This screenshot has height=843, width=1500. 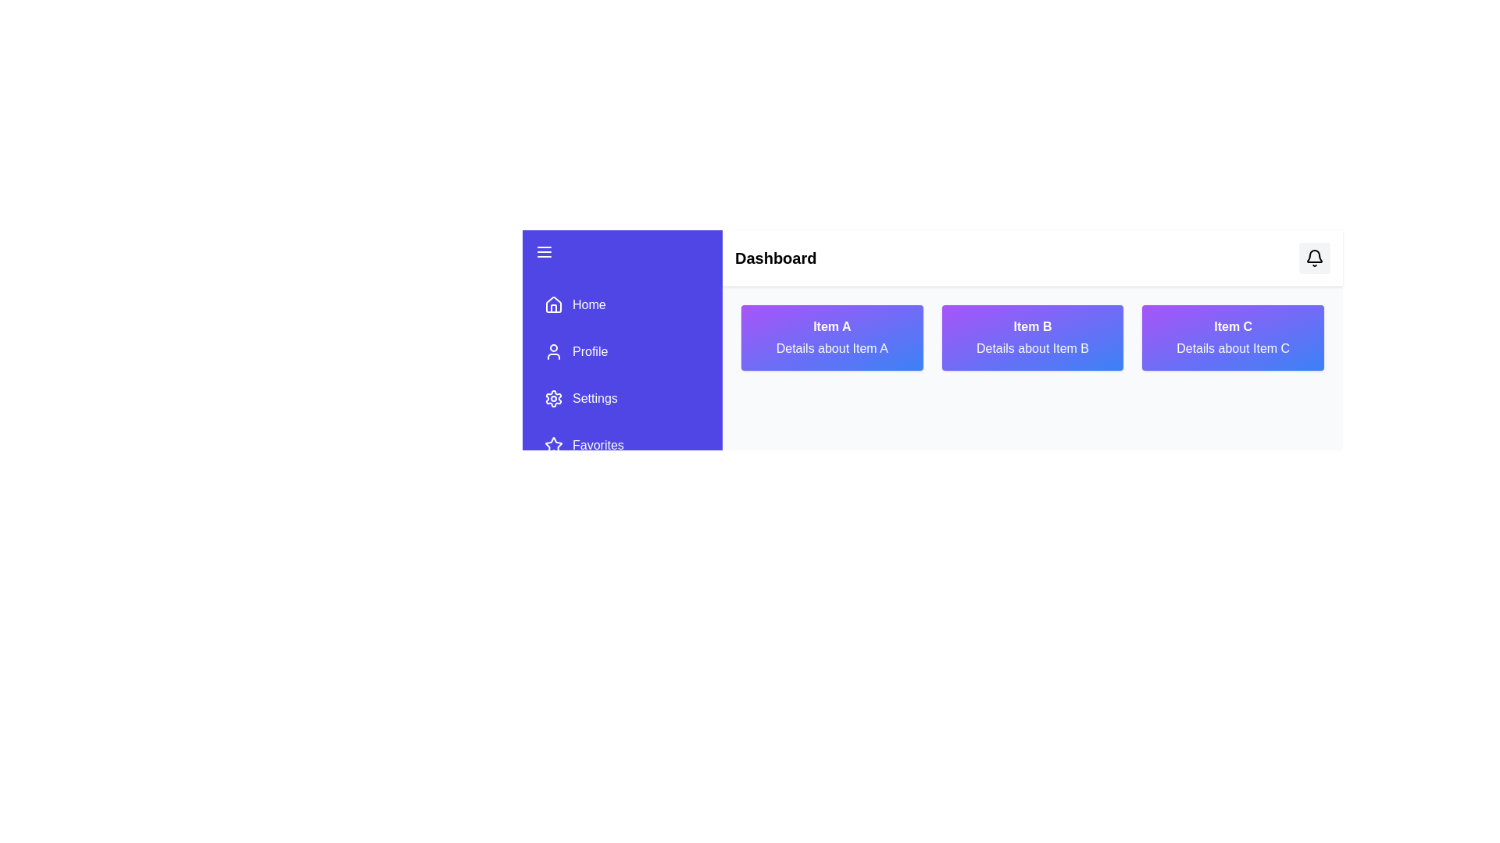 I want to click on the 'Settings' icon located in the left sidebar menu, positioned between the 'Profile' icon and 'Favorites' icon, so click(x=554, y=397).